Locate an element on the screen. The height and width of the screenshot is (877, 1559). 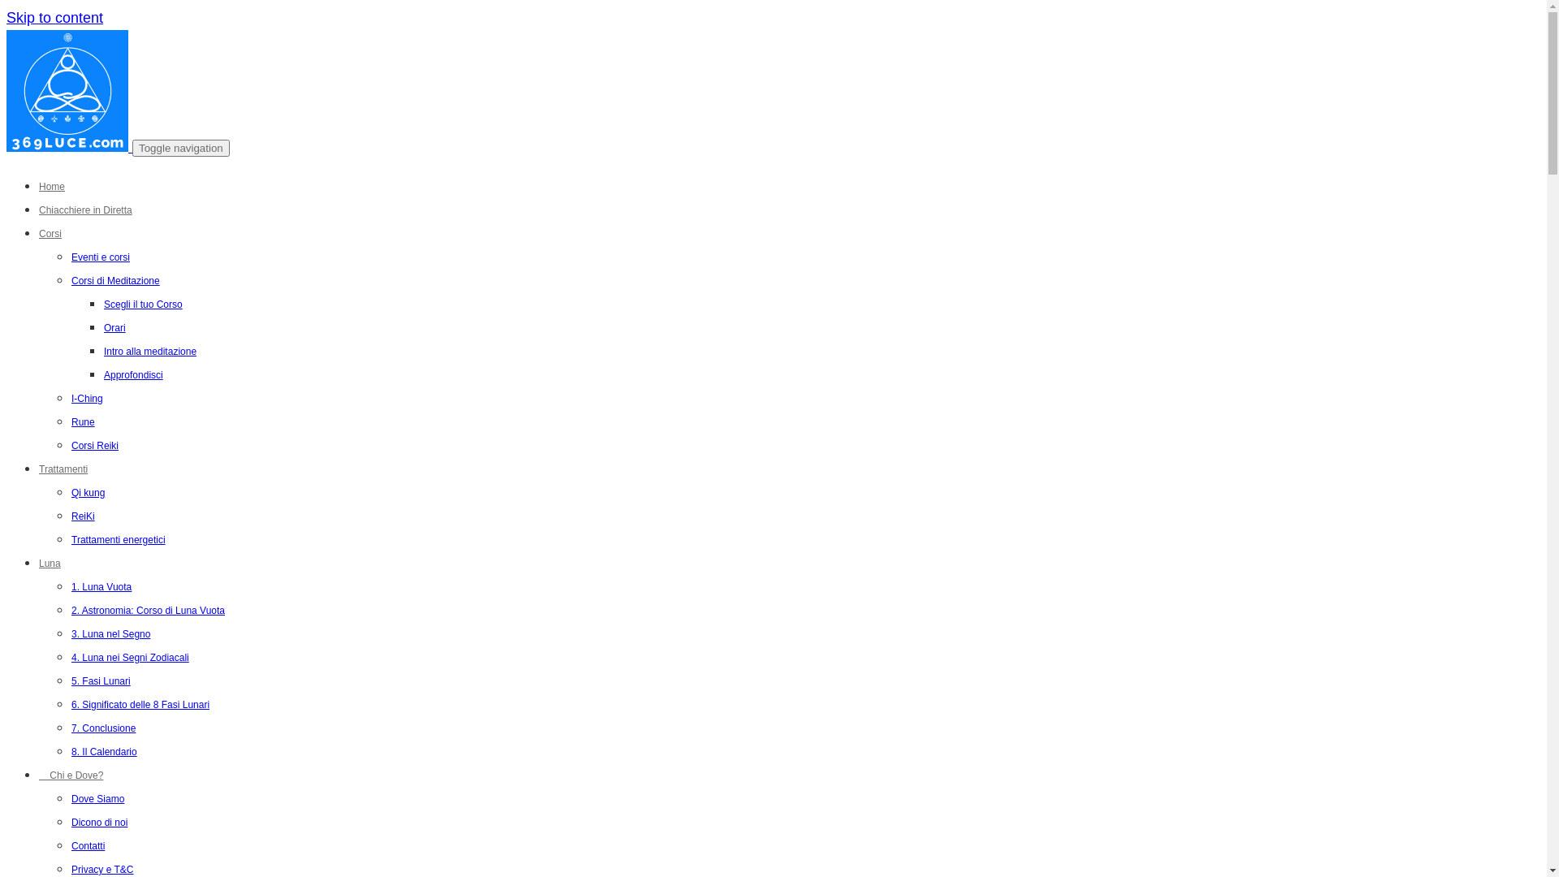
'1. Luna Vuota' is located at coordinates (100, 586).